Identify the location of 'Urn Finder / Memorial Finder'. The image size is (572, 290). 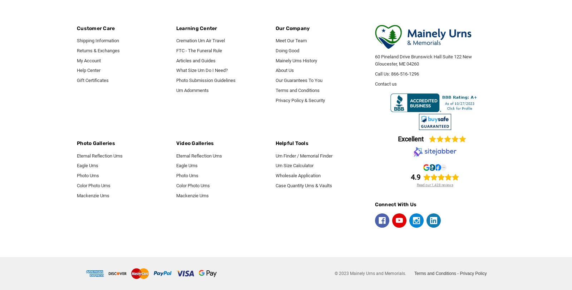
(303, 155).